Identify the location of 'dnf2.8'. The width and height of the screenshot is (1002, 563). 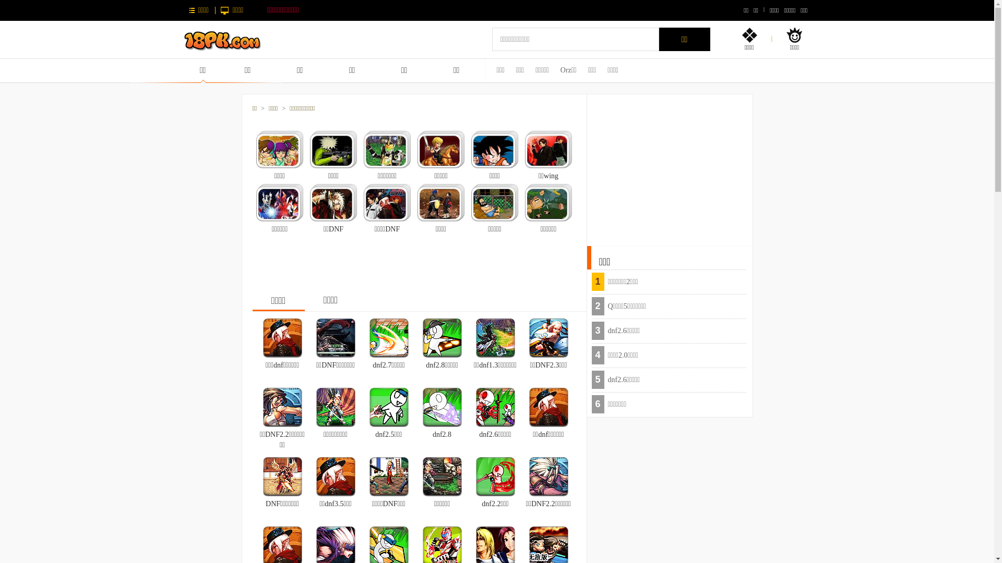
(423, 406).